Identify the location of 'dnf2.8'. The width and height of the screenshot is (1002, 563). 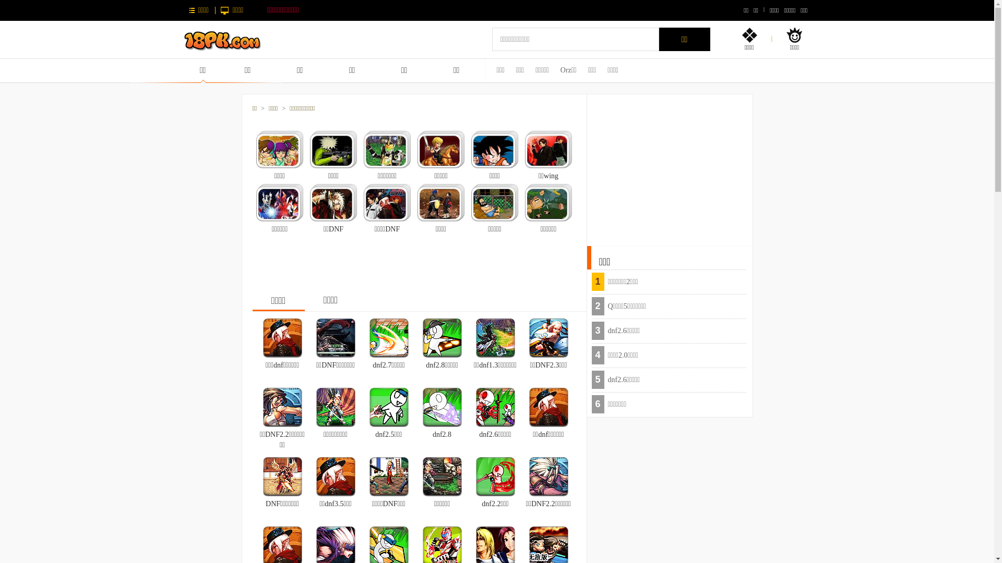
(423, 406).